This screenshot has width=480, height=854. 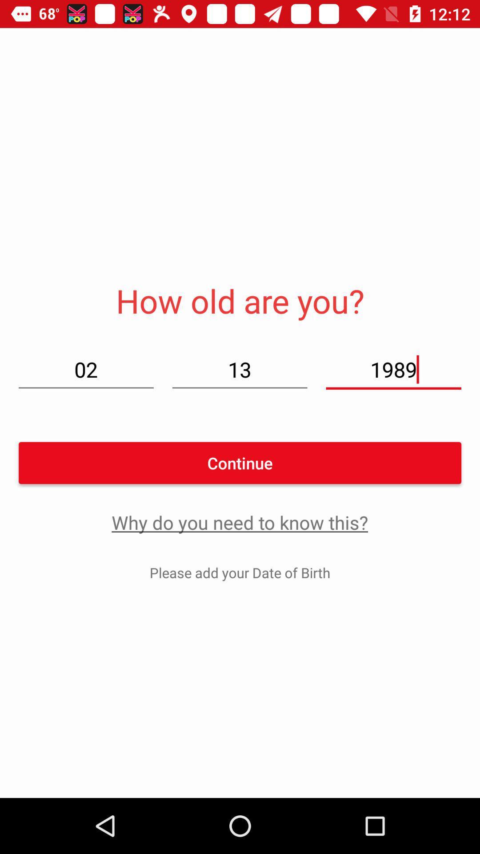 I want to click on 02 icon, so click(x=86, y=369).